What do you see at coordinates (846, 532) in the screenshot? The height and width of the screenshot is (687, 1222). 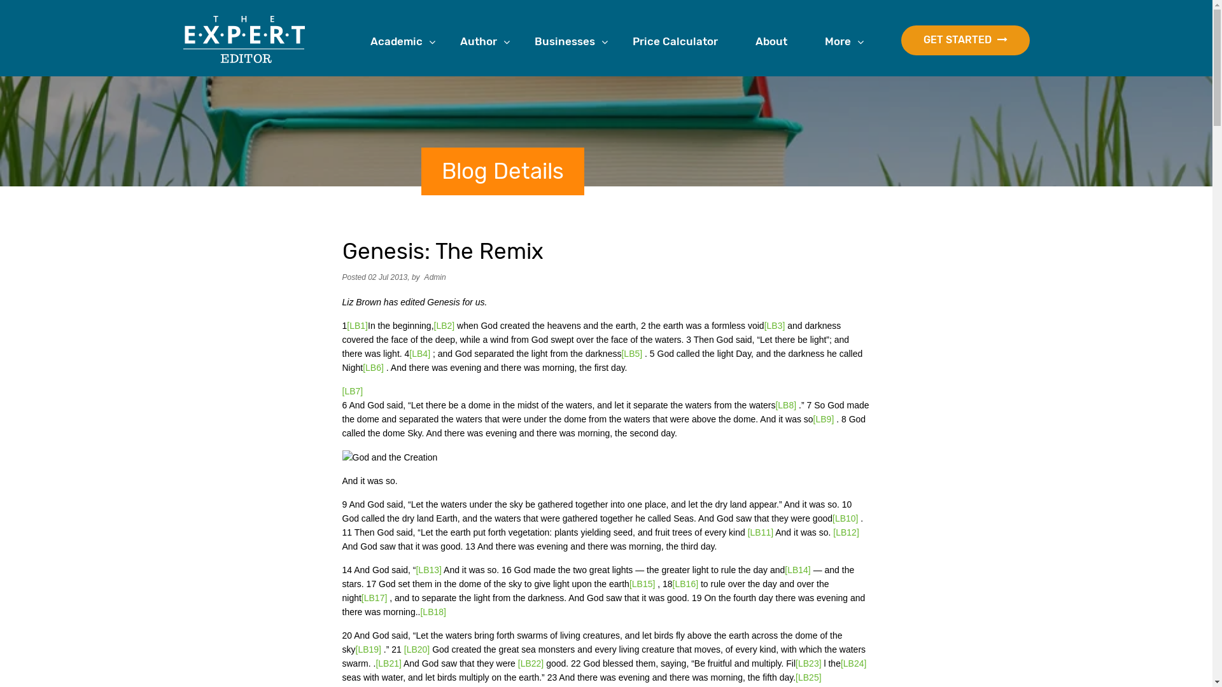 I see `'[LB12]'` at bounding box center [846, 532].